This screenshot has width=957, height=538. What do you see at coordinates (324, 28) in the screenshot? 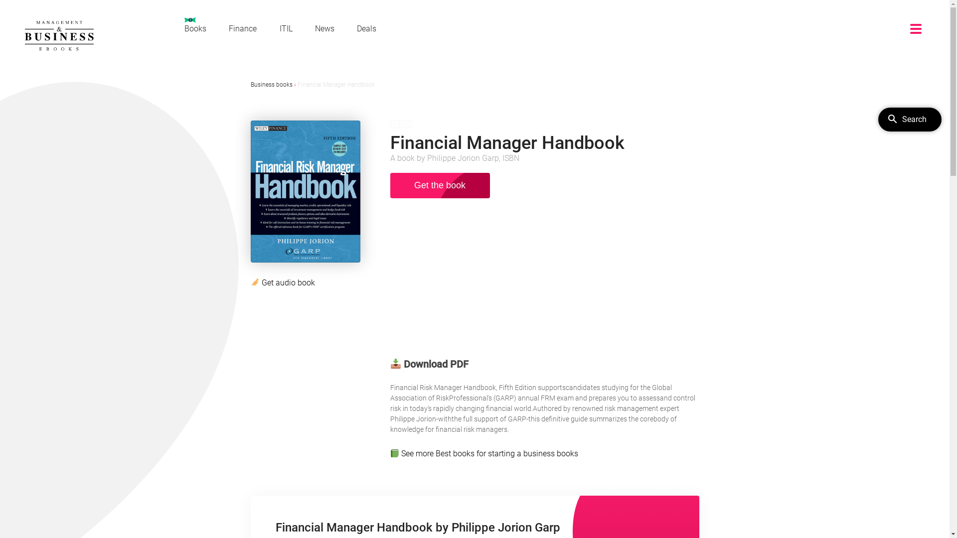
I see `'News'` at bounding box center [324, 28].